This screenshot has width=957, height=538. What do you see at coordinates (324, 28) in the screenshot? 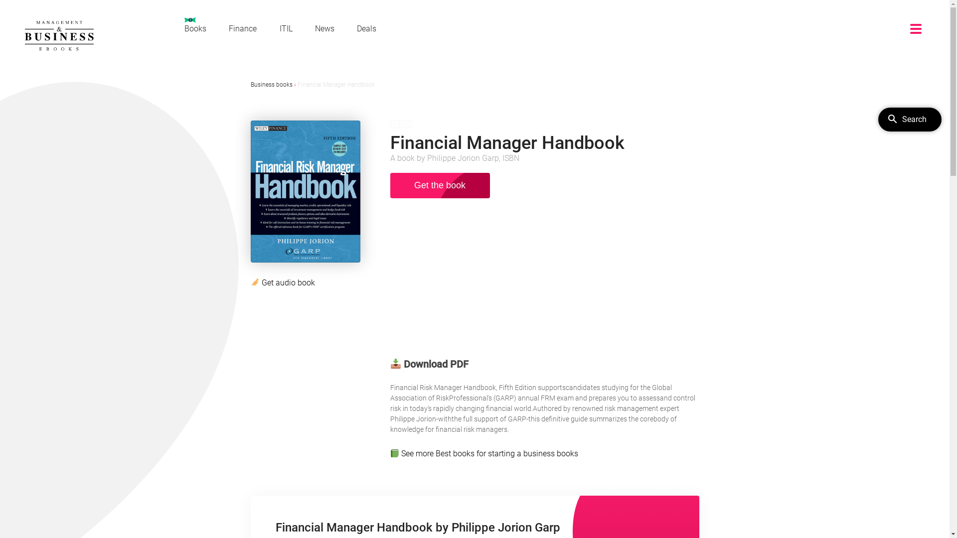
I see `'News'` at bounding box center [324, 28].